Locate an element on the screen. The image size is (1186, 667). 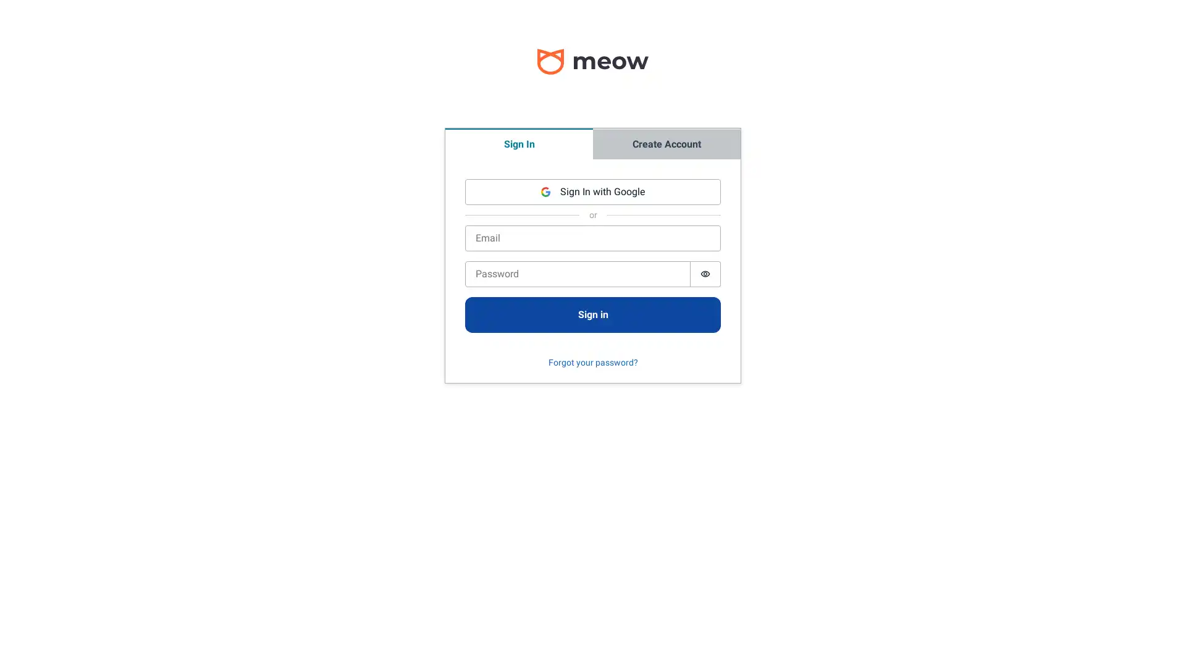
Google icon Sign In with Google is located at coordinates (593, 192).